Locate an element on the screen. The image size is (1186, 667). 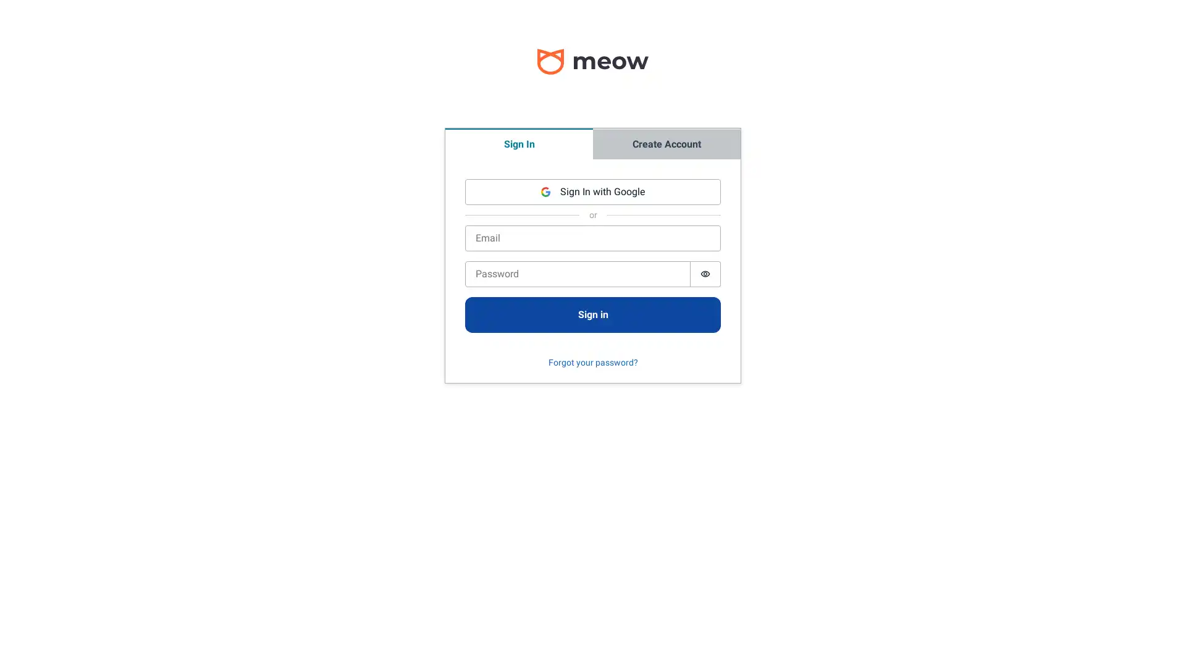
Google icon Sign In with Google is located at coordinates (593, 192).